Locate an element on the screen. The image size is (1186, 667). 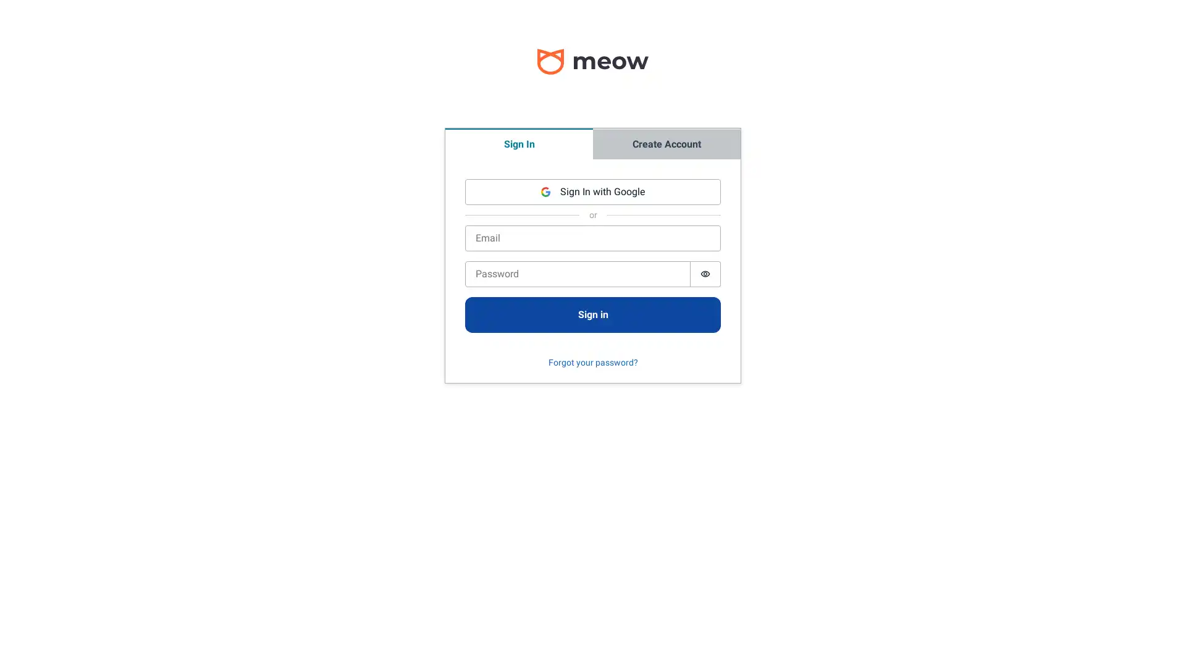
Google icon Sign In with Google is located at coordinates (593, 192).